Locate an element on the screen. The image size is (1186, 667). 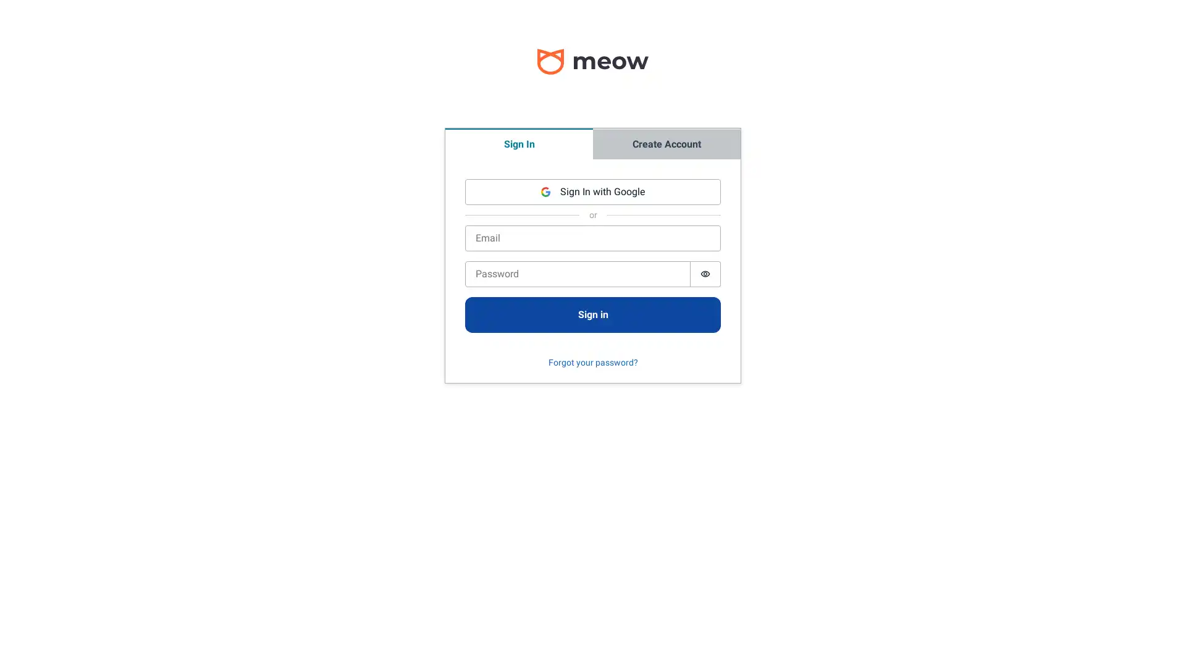
Google icon Sign In with Google is located at coordinates (593, 192).